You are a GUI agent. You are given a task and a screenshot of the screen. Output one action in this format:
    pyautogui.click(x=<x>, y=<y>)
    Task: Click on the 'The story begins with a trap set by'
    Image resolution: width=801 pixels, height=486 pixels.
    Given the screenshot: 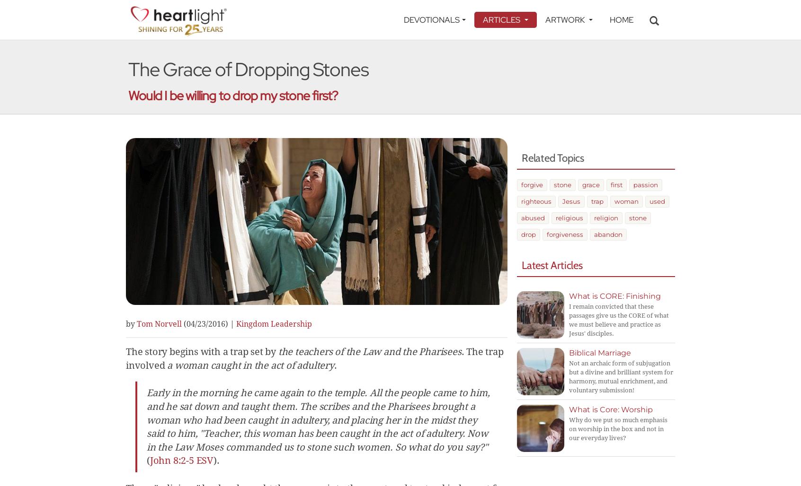 What is the action you would take?
    pyautogui.click(x=201, y=351)
    